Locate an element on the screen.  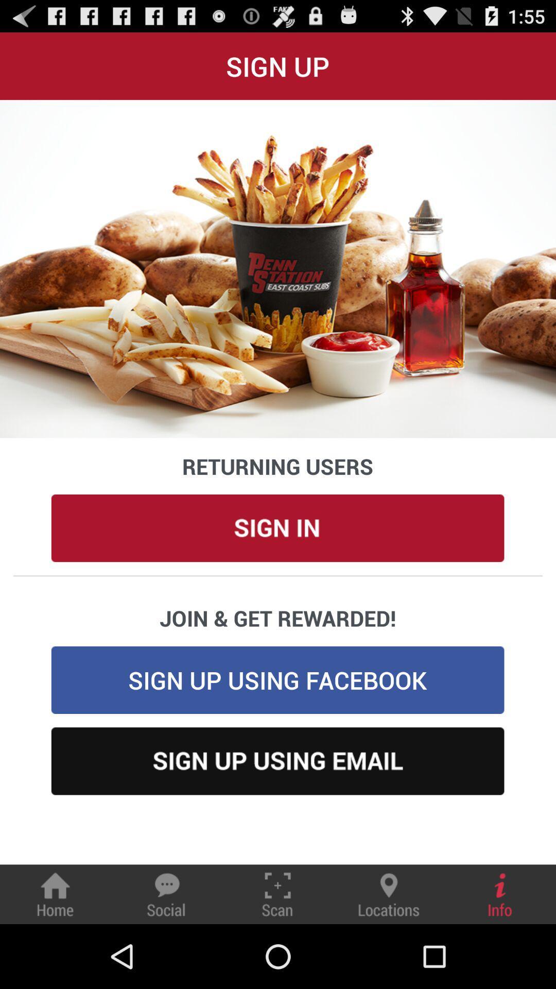
sign up using email is located at coordinates (278, 761).